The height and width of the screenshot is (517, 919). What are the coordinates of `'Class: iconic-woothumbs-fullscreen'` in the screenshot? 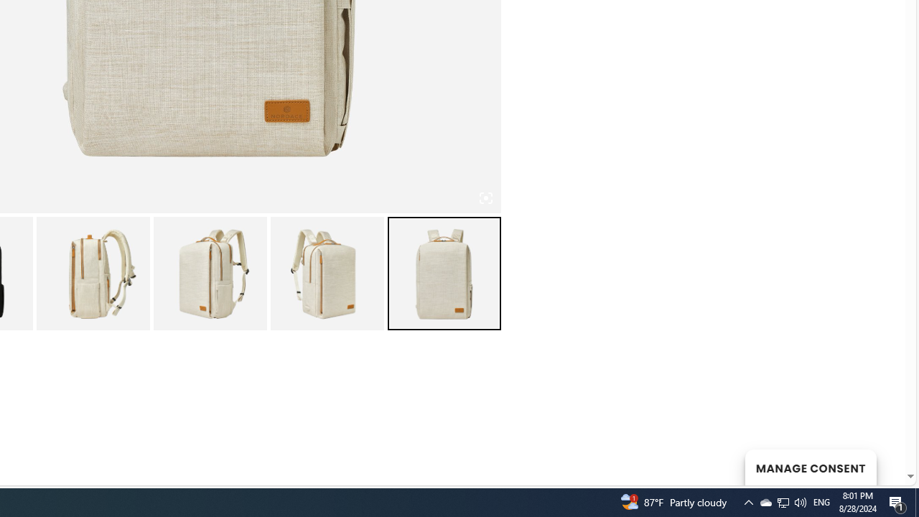 It's located at (485, 198).